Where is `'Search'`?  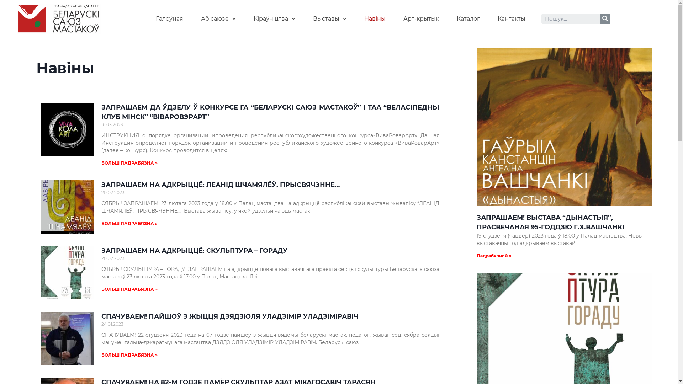
'Search' is located at coordinates (604, 18).